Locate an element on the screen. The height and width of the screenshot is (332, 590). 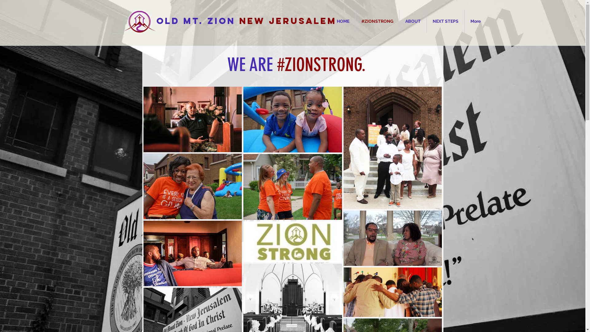
'#ZIONSTRONG' is located at coordinates (355, 21).